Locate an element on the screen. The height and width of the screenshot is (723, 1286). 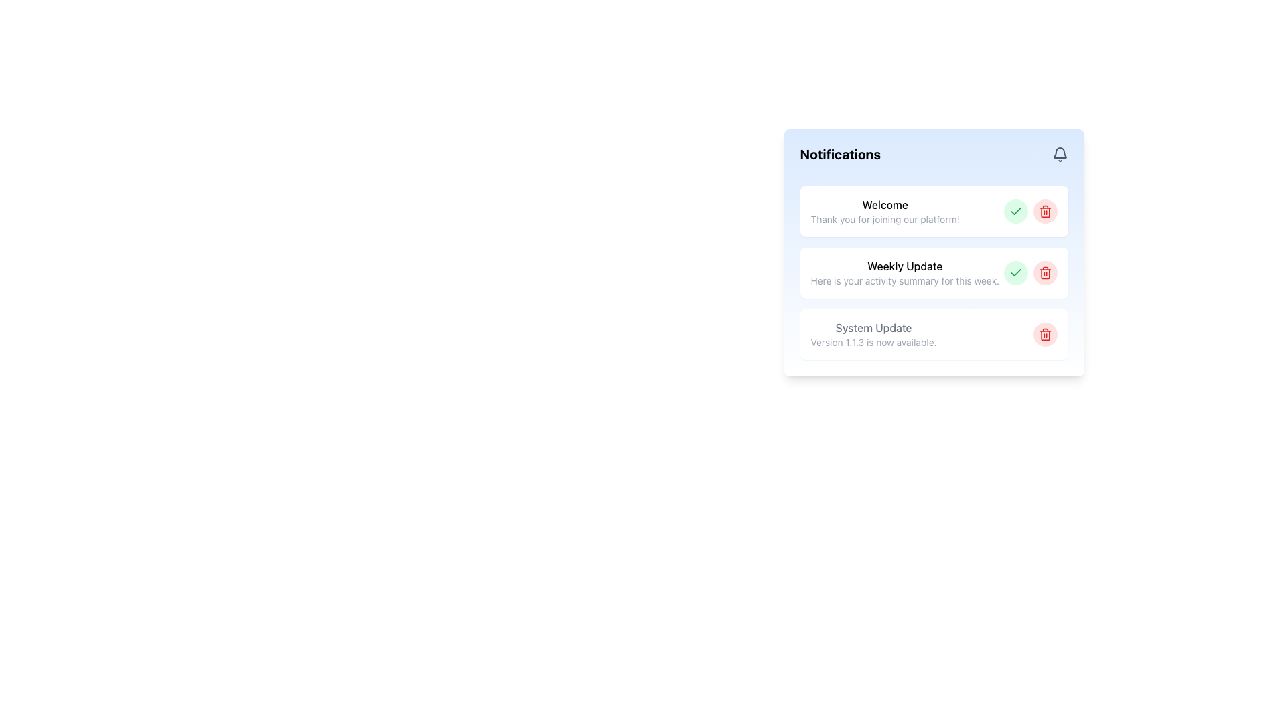
the circular green button with a checkmark icon to mark the notification as read or resolved is located at coordinates (1015, 211).